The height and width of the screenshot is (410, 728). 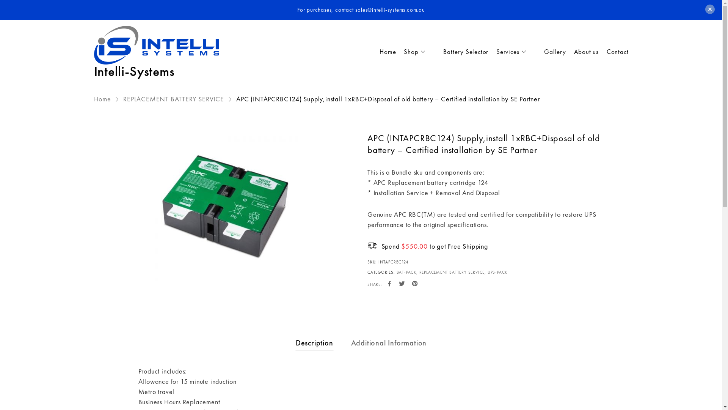 What do you see at coordinates (314, 342) in the screenshot?
I see `'Description'` at bounding box center [314, 342].